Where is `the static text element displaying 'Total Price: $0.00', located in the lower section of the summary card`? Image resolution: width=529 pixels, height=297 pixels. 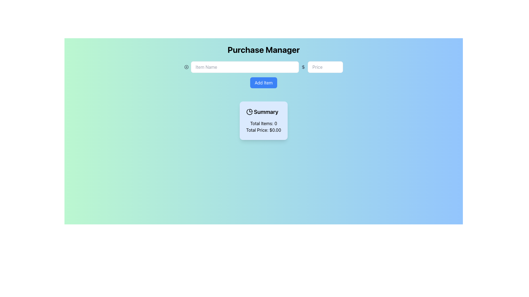 the static text element displaying 'Total Price: $0.00', located in the lower section of the summary card is located at coordinates (263, 130).